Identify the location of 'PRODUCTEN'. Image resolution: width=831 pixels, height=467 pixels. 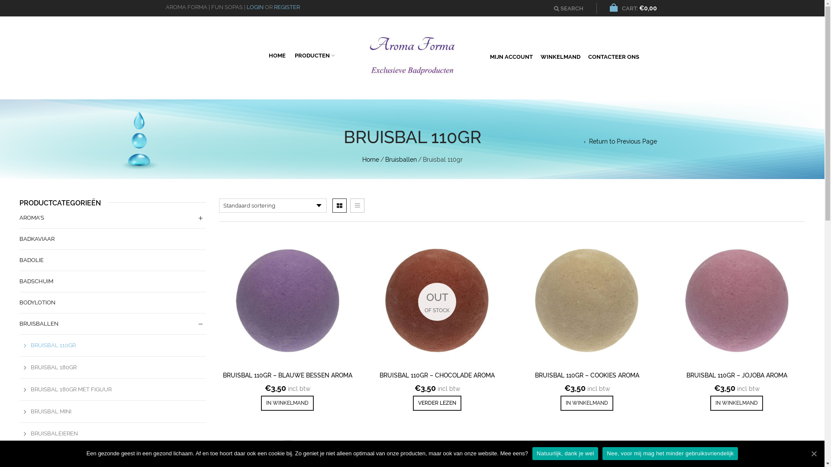
(314, 54).